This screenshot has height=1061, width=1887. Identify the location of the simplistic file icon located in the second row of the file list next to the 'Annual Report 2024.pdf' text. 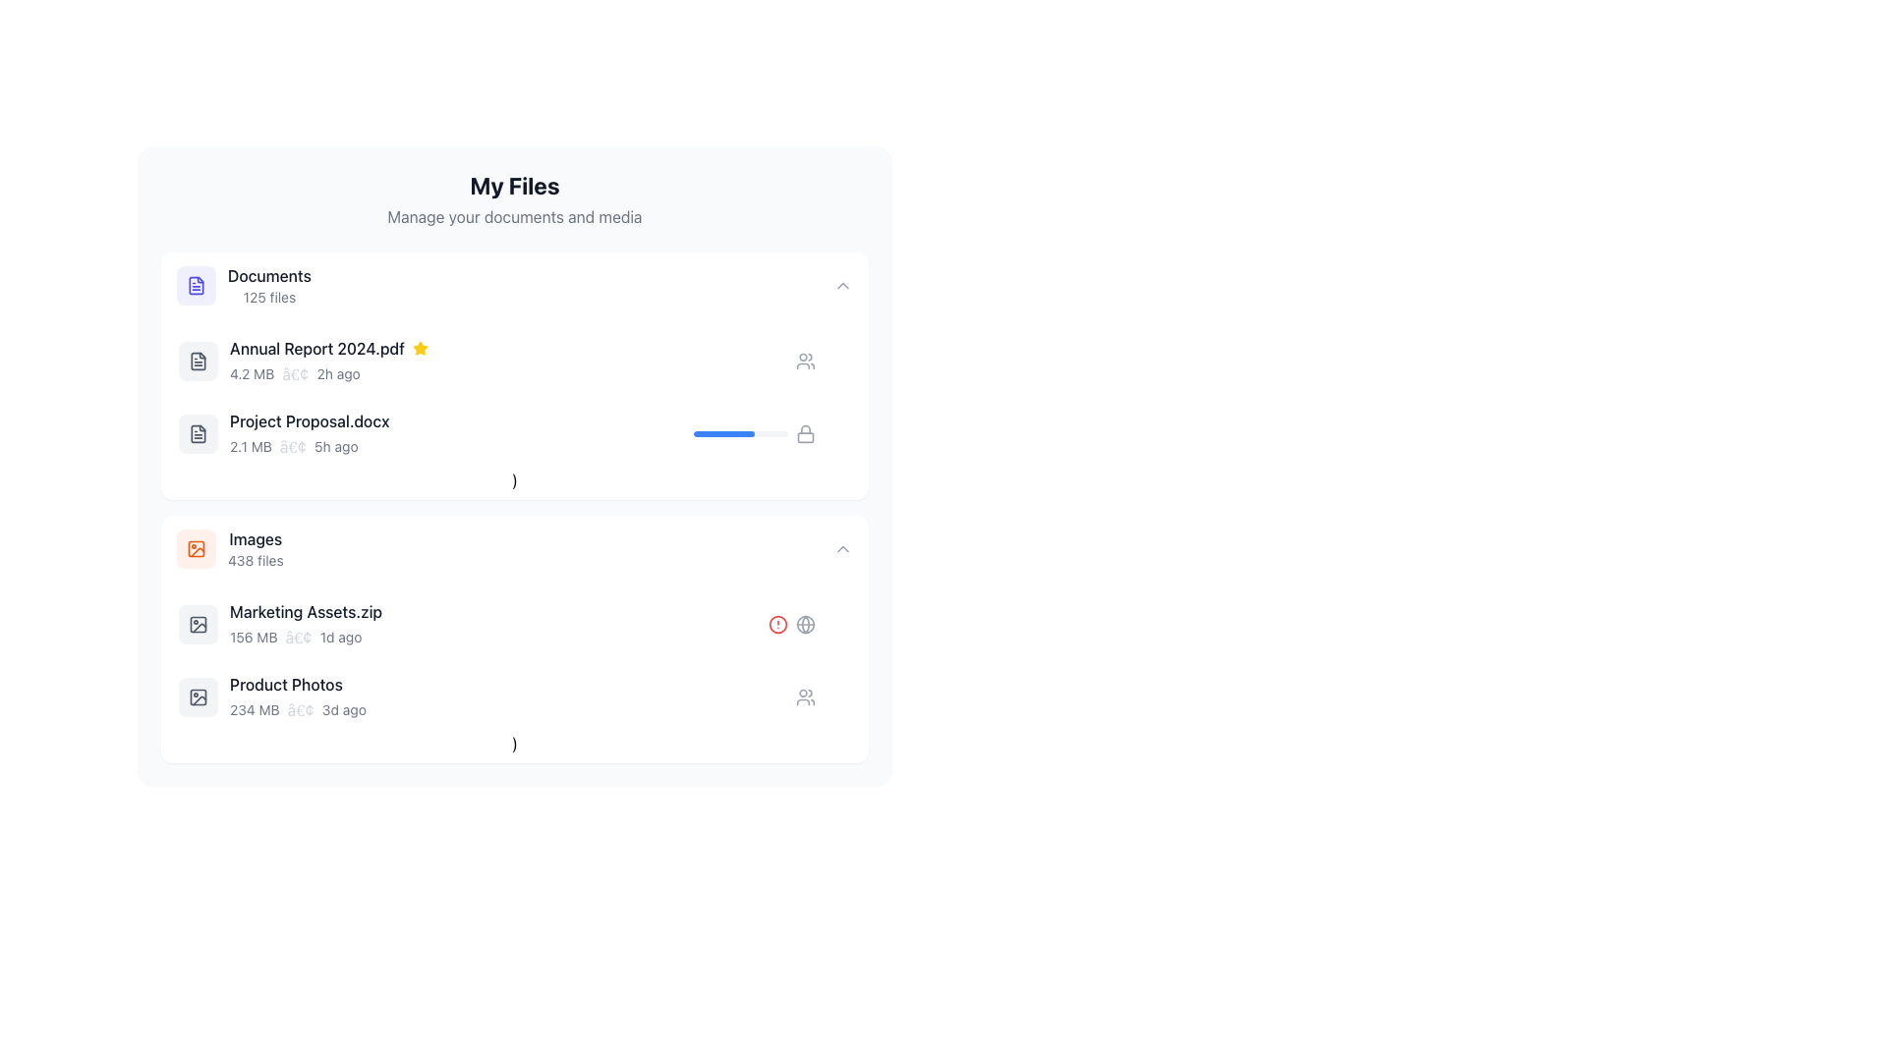
(198, 361).